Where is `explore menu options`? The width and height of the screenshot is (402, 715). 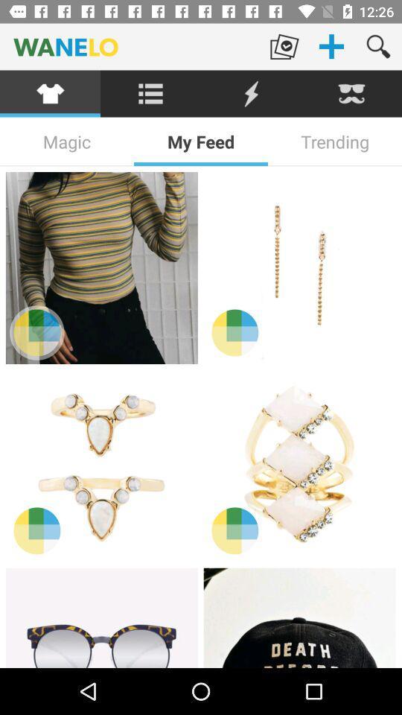
explore menu options is located at coordinates (150, 93).